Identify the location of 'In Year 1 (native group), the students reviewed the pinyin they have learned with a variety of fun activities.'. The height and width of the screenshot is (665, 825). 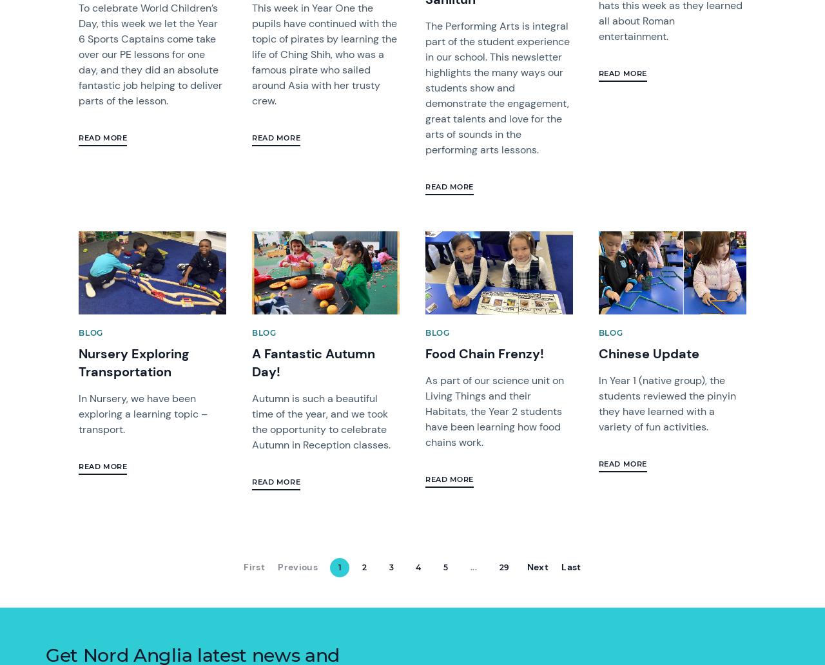
(666, 403).